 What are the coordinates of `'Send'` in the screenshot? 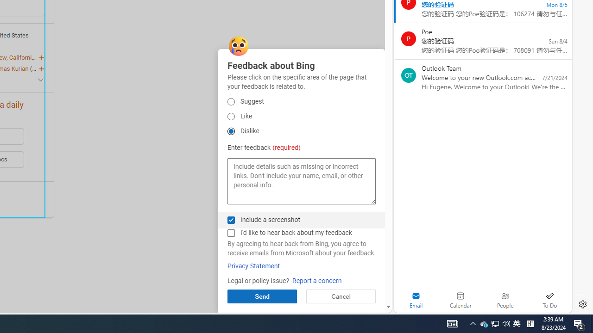 It's located at (262, 296).